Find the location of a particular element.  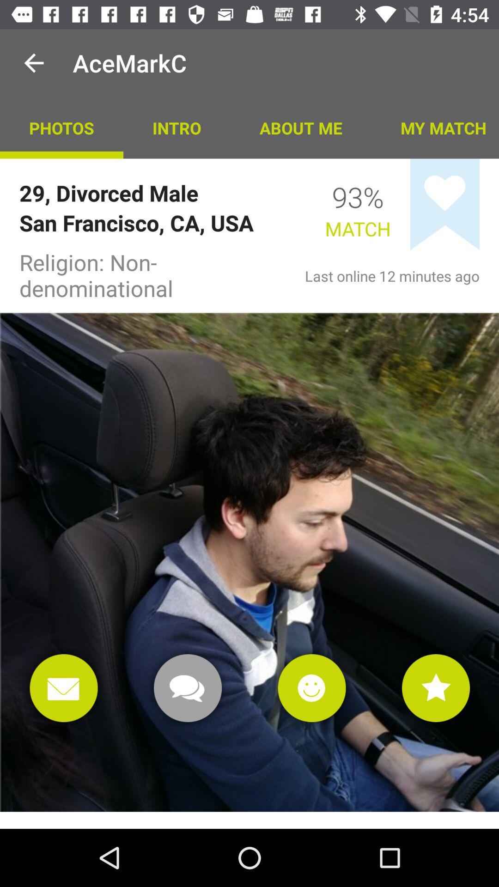

switch favorite is located at coordinates (444, 204).